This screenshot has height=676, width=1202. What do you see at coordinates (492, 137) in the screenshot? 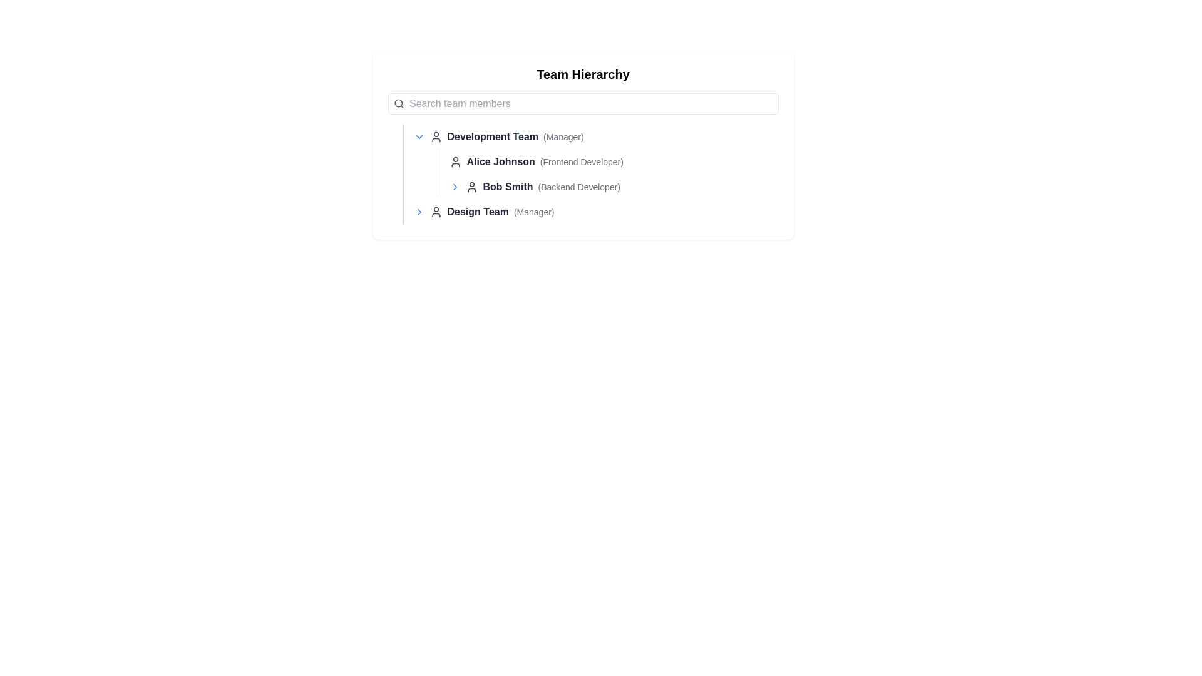
I see `the Text Block that labels the team in the hierarchy, positioned beside '(Manager)' under 'Development Team (Manager)'` at bounding box center [492, 137].